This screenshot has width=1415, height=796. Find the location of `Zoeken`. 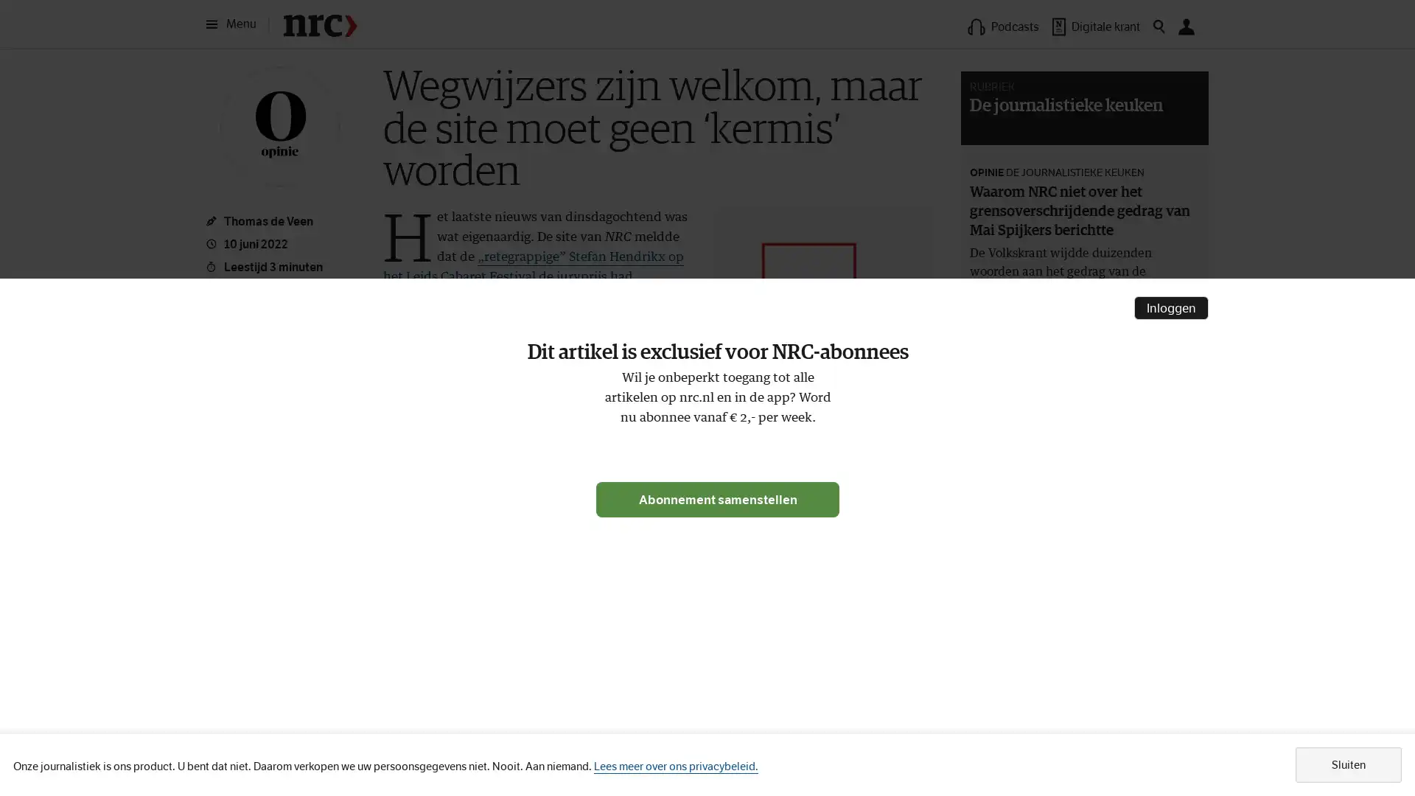

Zoeken is located at coordinates (1159, 27).